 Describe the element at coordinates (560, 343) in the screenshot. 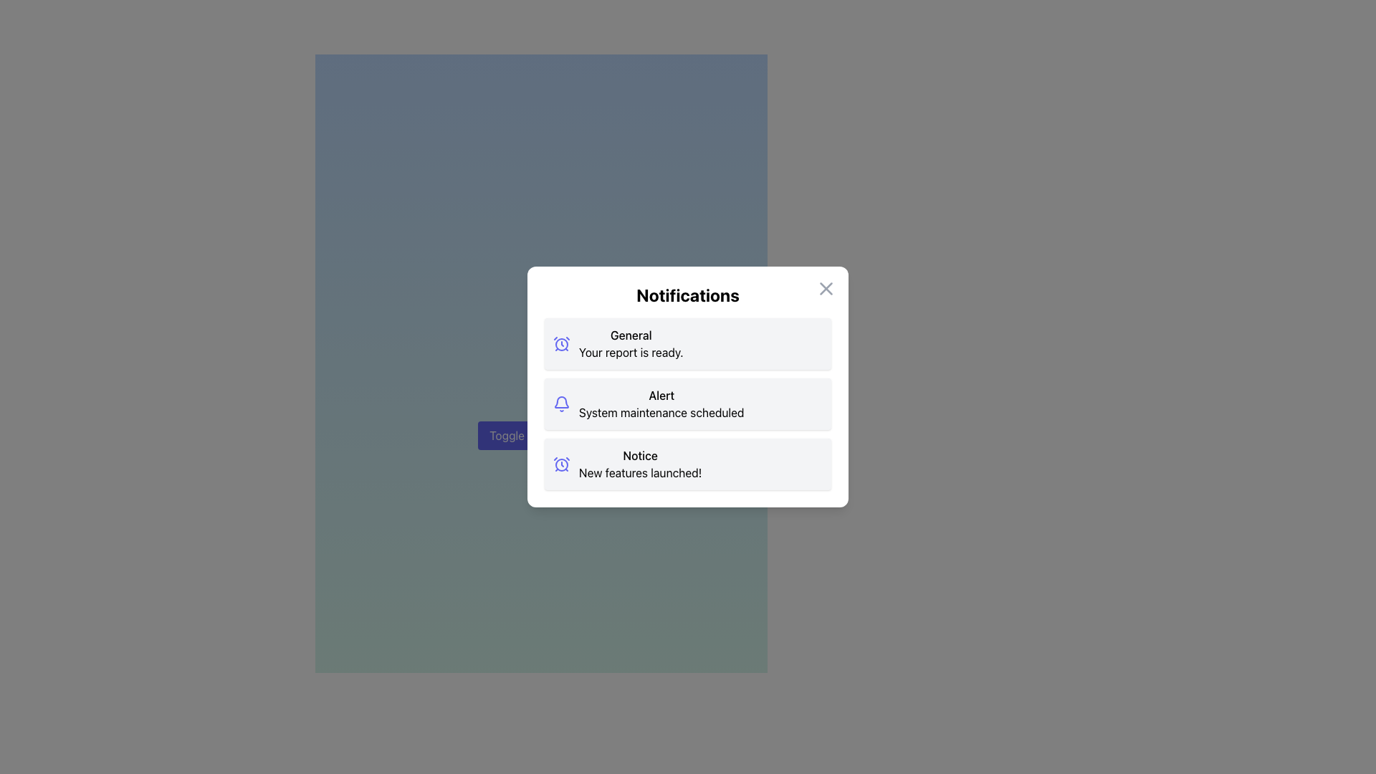

I see `the notification icon associated with the text 'General' and 'Your report is ready.' positioned at the top-left of the notification card` at that location.